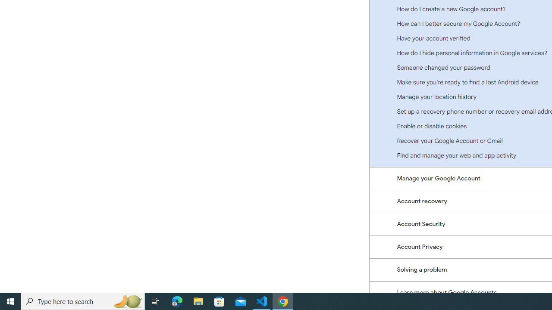 This screenshot has height=310, width=552. Describe the element at coordinates (10, 301) in the screenshot. I see `'Start'` at that location.